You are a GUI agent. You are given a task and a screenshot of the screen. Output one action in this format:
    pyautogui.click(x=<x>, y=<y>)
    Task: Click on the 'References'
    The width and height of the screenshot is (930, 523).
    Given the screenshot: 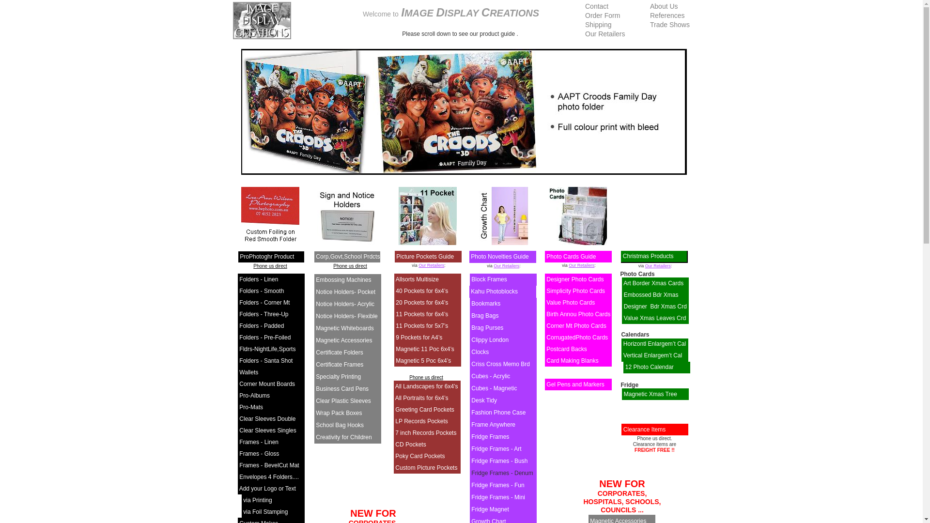 What is the action you would take?
    pyautogui.click(x=666, y=15)
    